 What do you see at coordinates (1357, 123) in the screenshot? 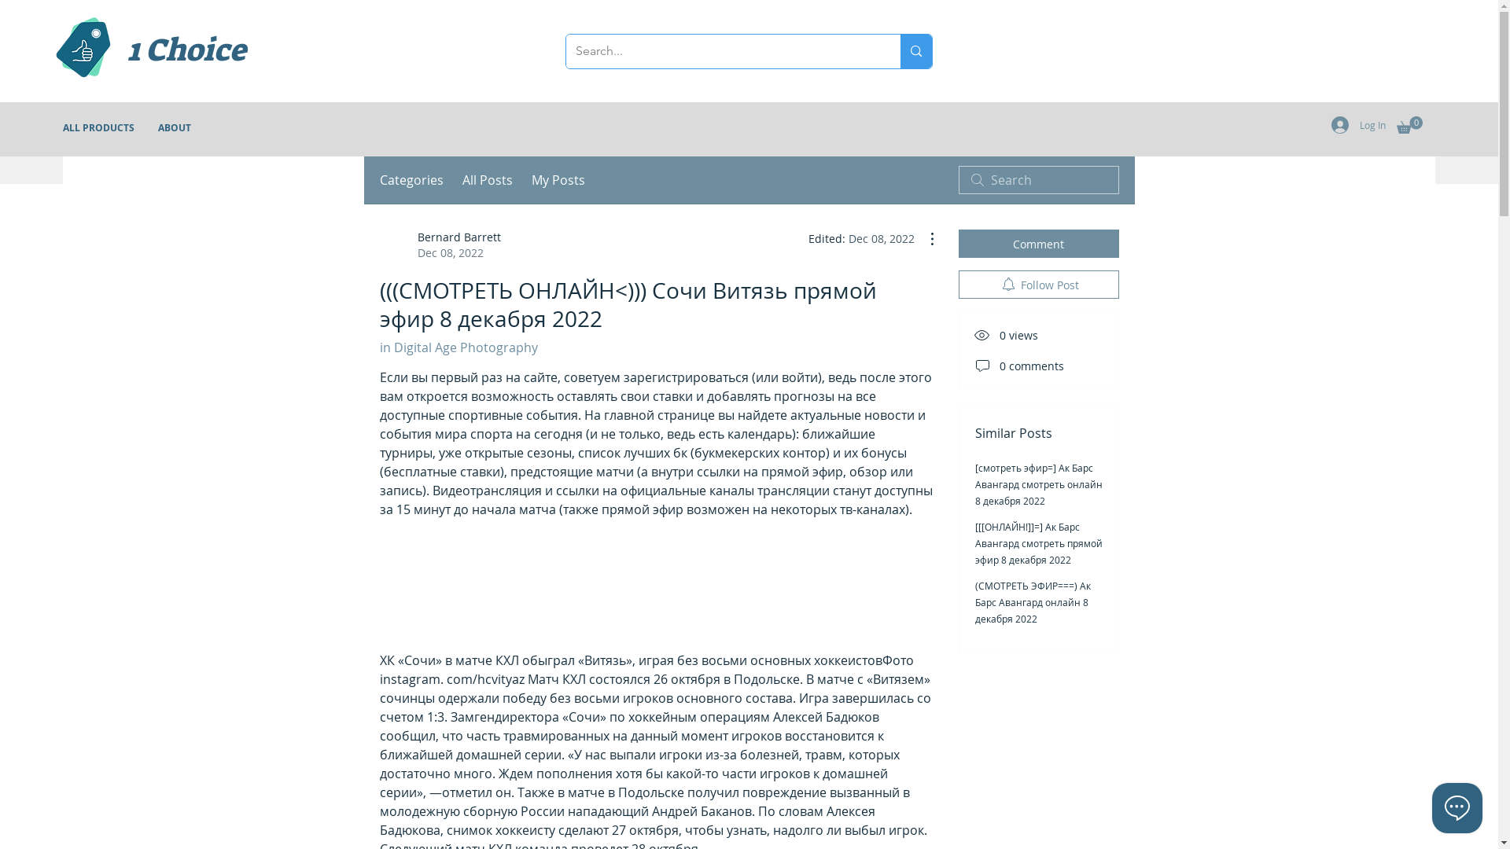
I see `'Log In'` at bounding box center [1357, 123].